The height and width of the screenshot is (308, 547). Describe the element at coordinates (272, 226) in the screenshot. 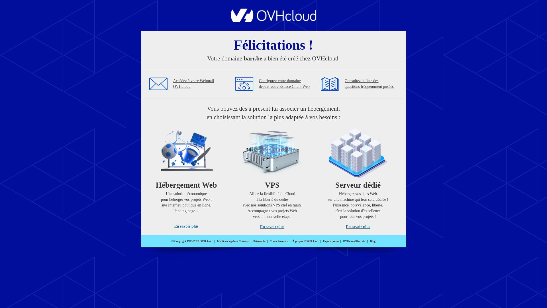

I see `'En savoir plus'` at that location.